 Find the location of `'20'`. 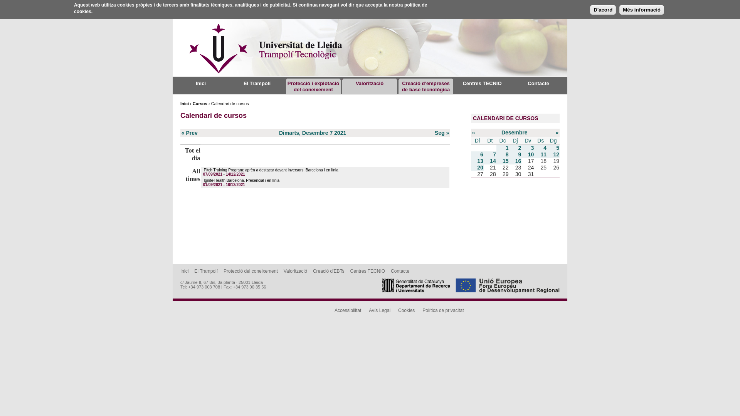

'20' is located at coordinates (480, 167).